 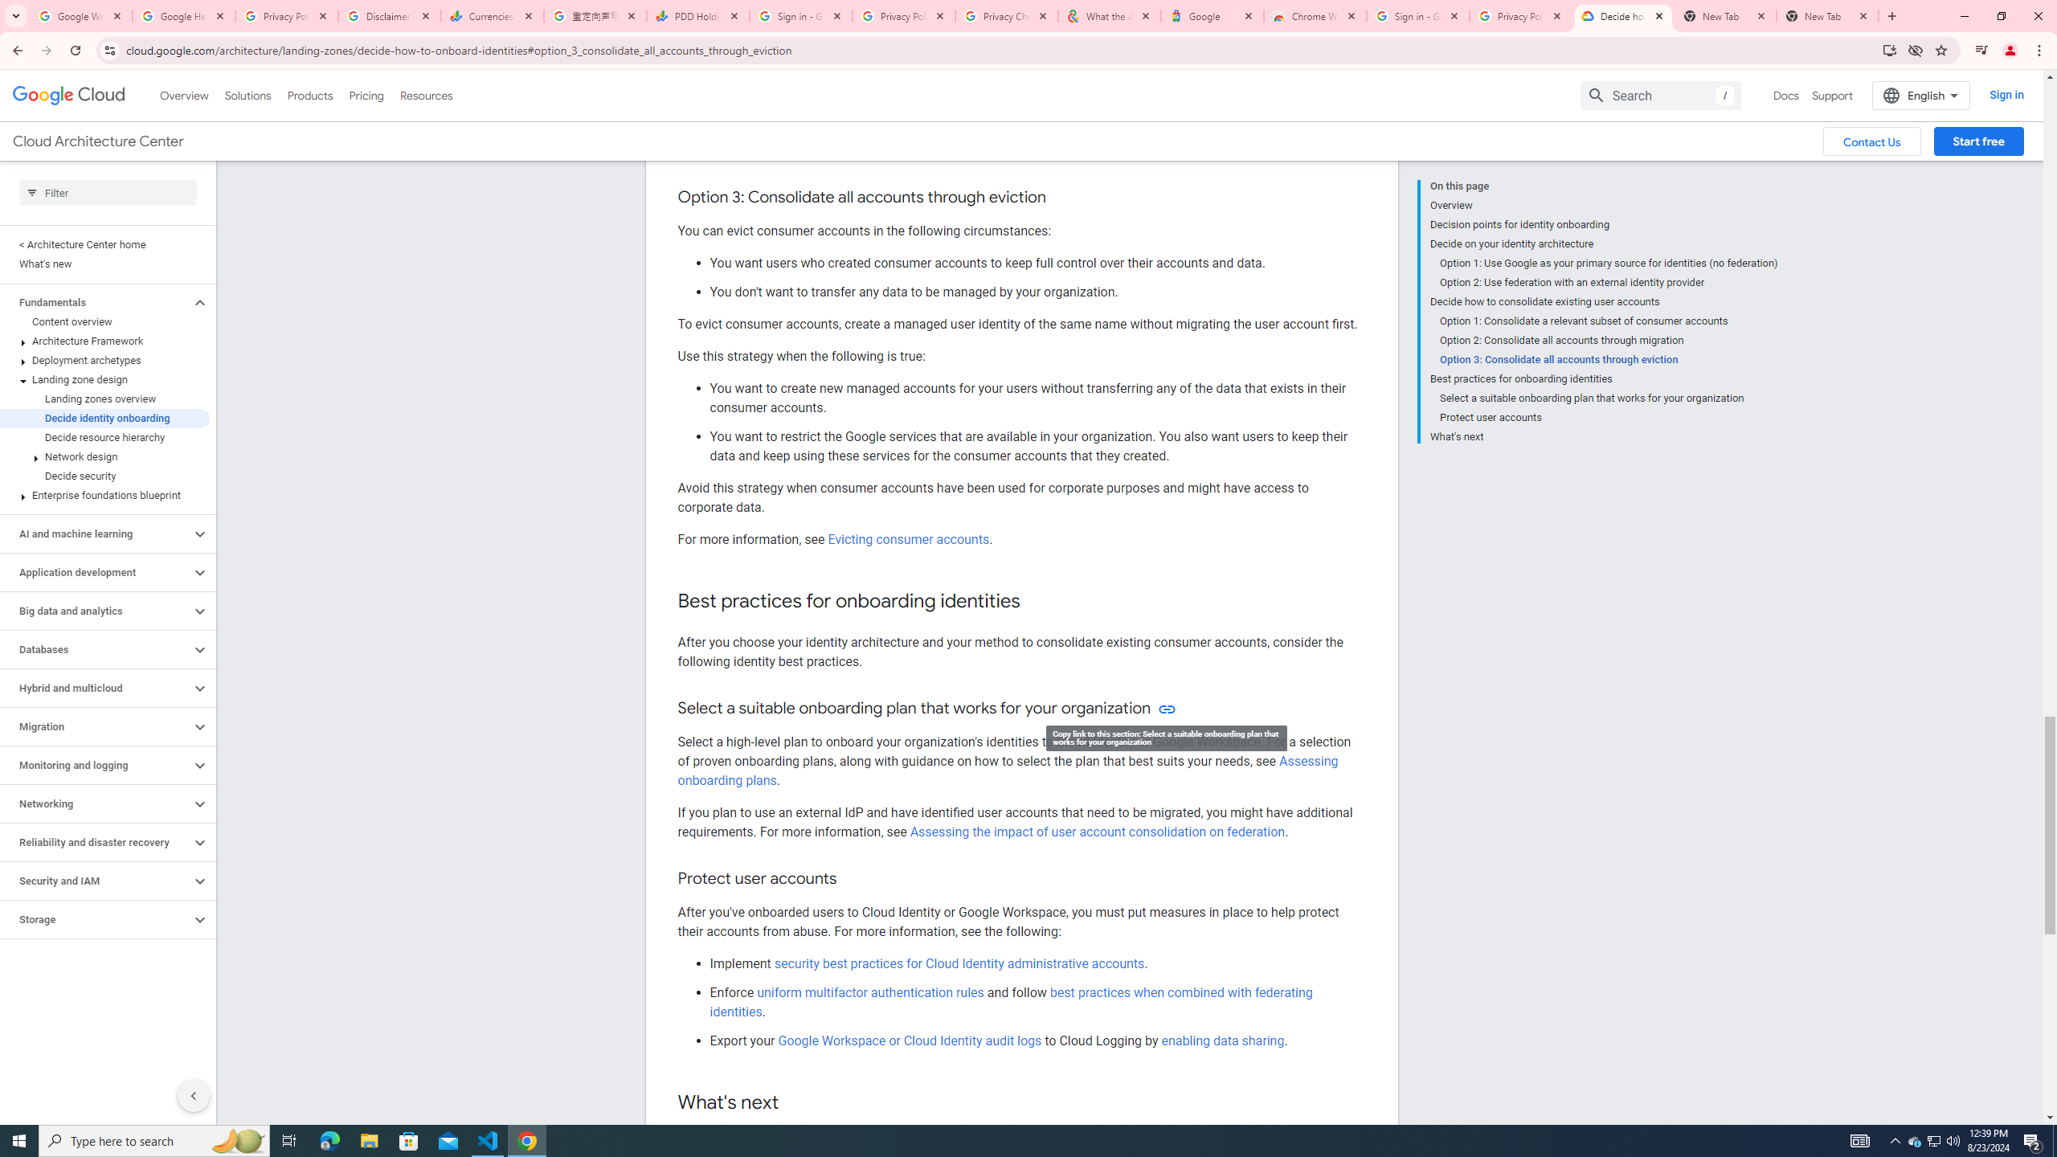 What do you see at coordinates (104, 495) in the screenshot?
I see `'Enterprise foundations blueprint'` at bounding box center [104, 495].